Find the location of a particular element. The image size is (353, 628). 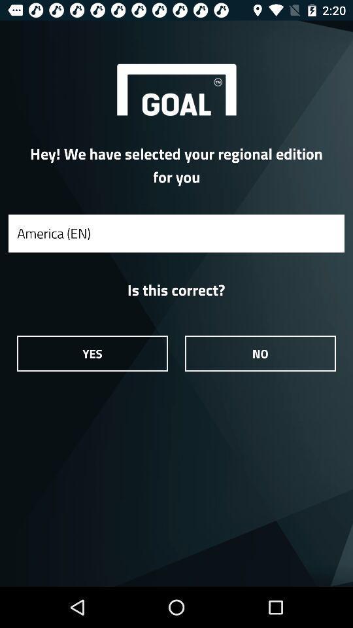

the america (en) is located at coordinates (176, 233).